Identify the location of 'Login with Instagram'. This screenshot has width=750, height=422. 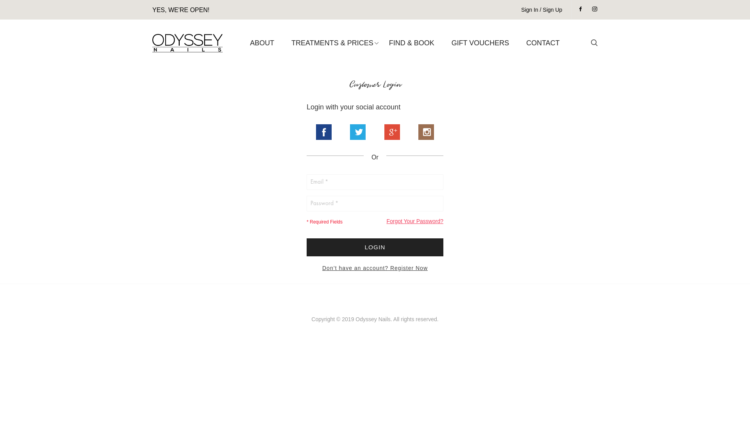
(425, 132).